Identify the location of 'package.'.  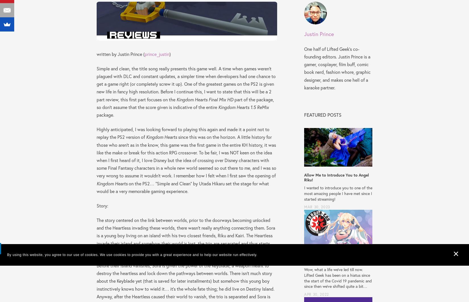
(105, 115).